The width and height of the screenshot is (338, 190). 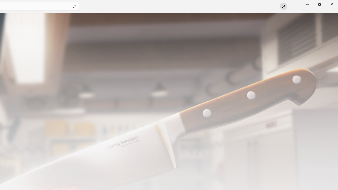 I want to click on 'Restore Microsoft Store', so click(x=319, y=4).